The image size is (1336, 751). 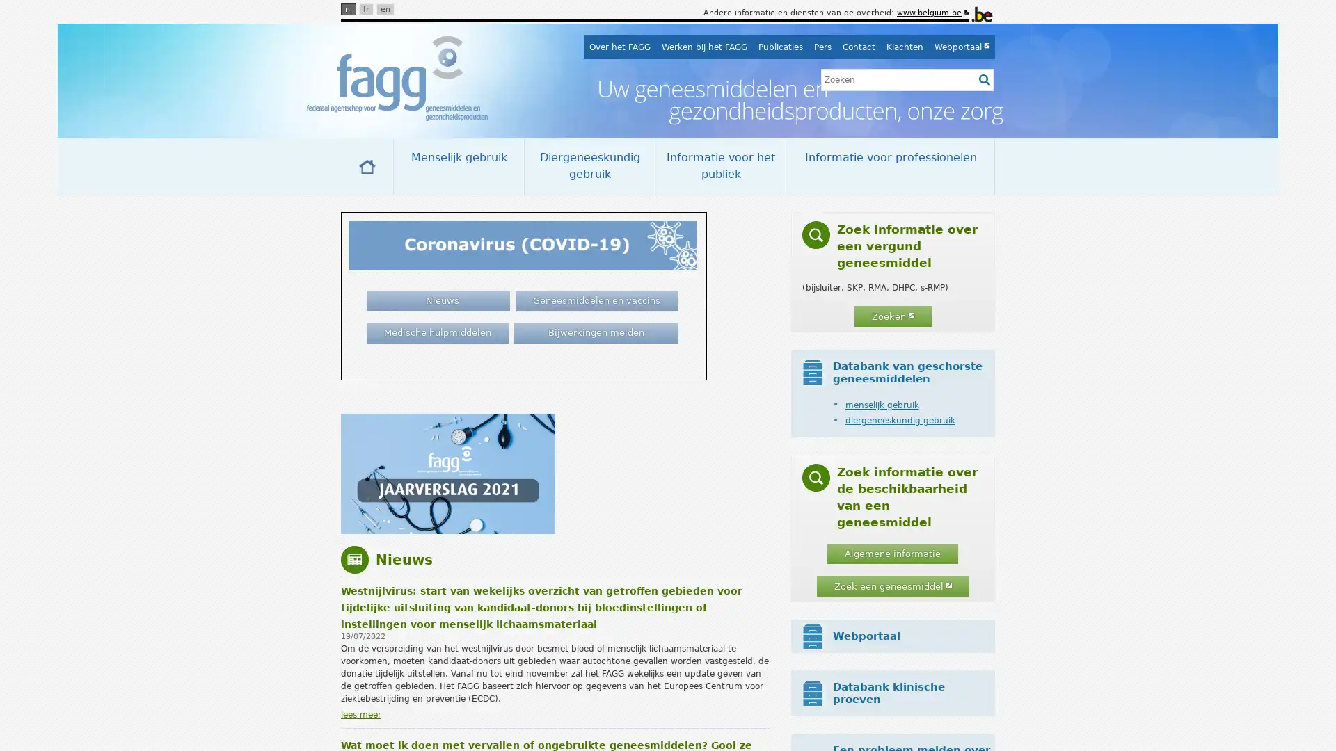 I want to click on Geneesmiddelen en vaccins, so click(x=596, y=300).